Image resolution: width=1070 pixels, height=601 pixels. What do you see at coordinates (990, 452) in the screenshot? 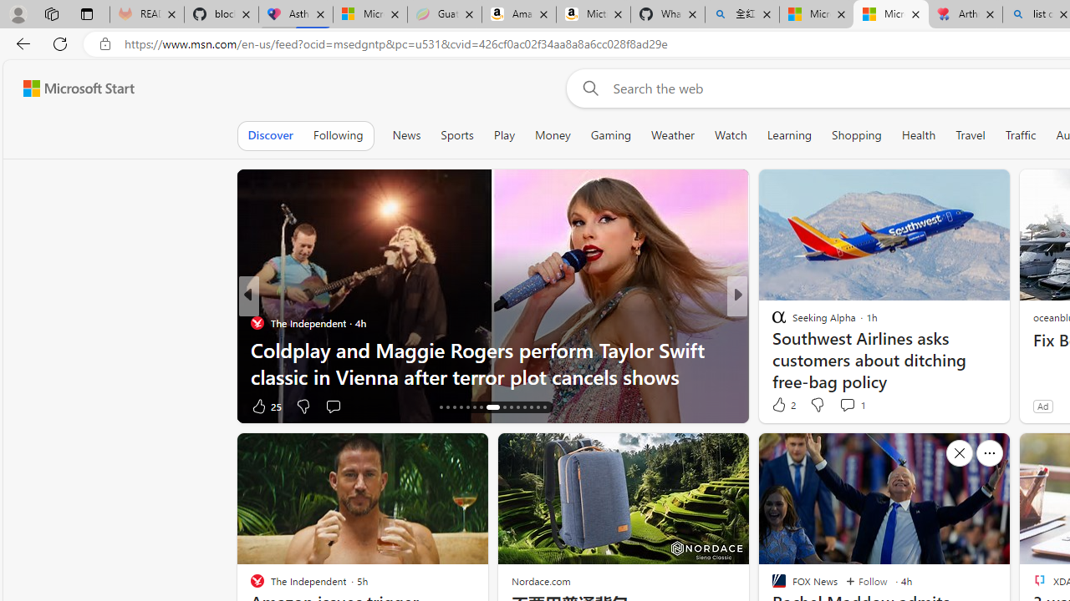
I see `'See more'` at bounding box center [990, 452].